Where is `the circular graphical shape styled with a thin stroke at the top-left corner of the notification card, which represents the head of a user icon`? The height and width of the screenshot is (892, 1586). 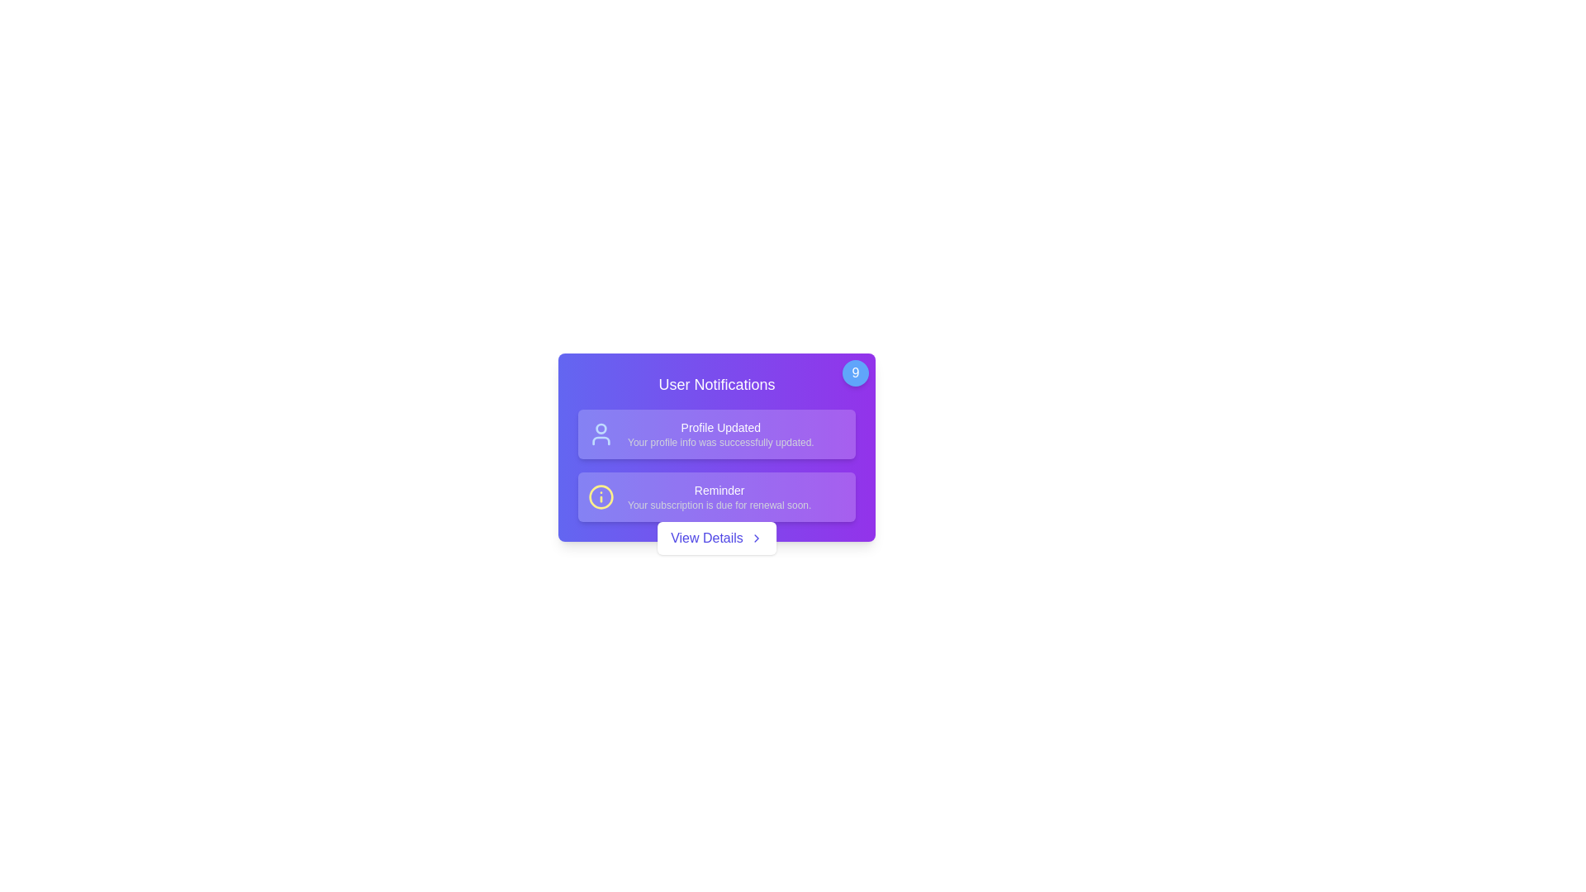 the circular graphical shape styled with a thin stroke at the top-left corner of the notification card, which represents the head of a user icon is located at coordinates (601, 428).